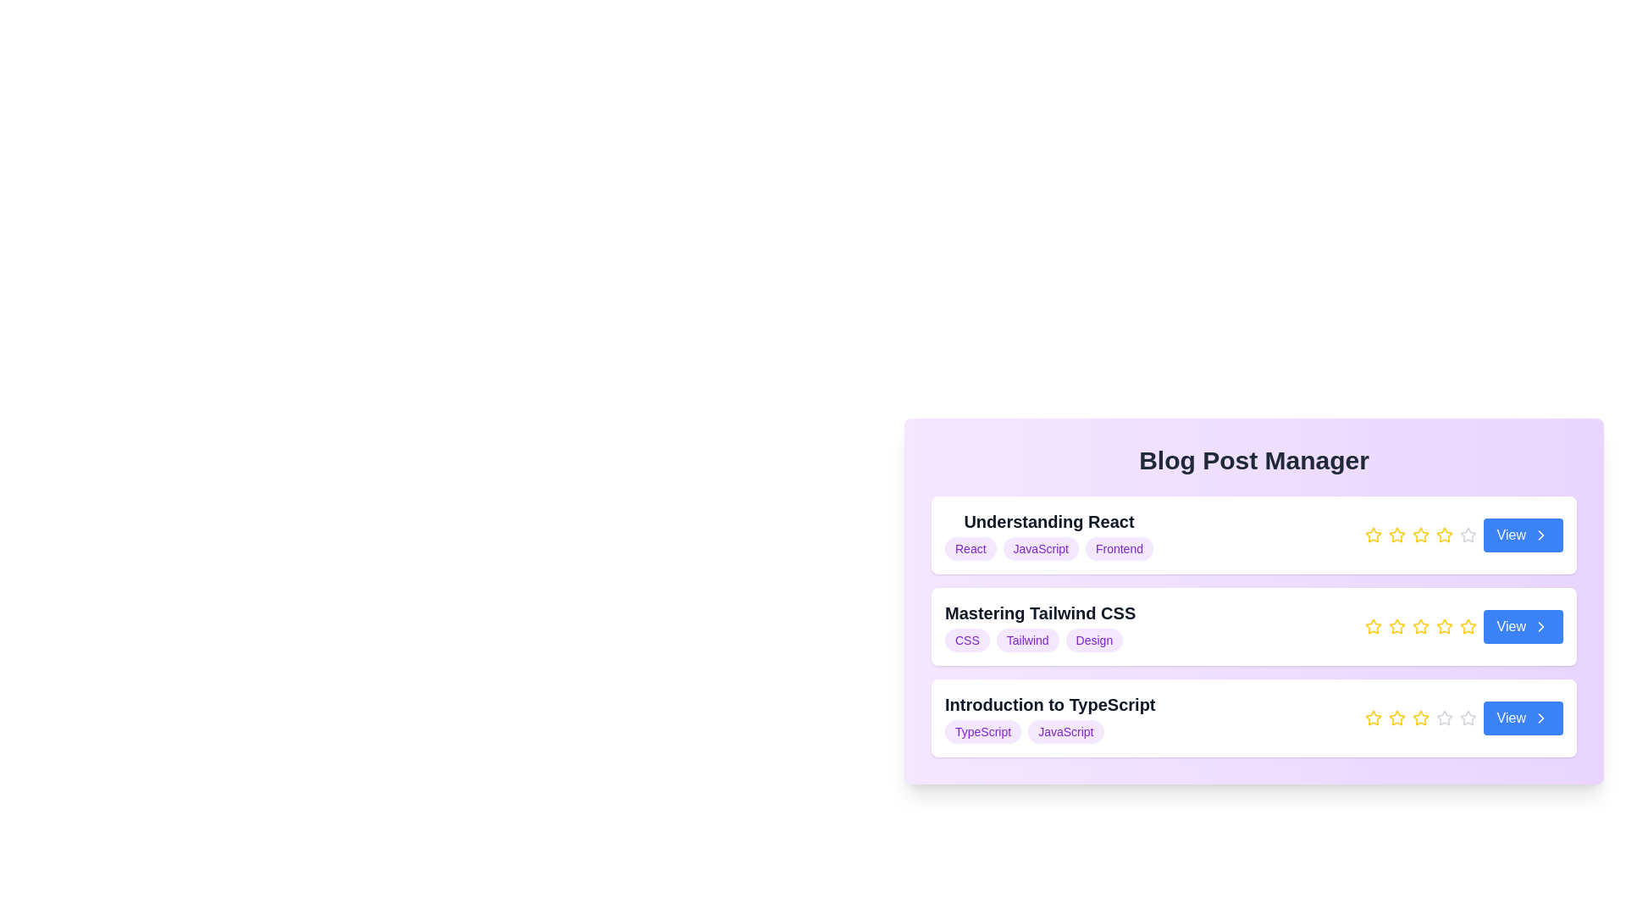 The width and height of the screenshot is (1626, 915). I want to click on the fourth star icon in the 5-star rating system for the 'Mastering Tailwind CSS' item, so click(1420, 626).